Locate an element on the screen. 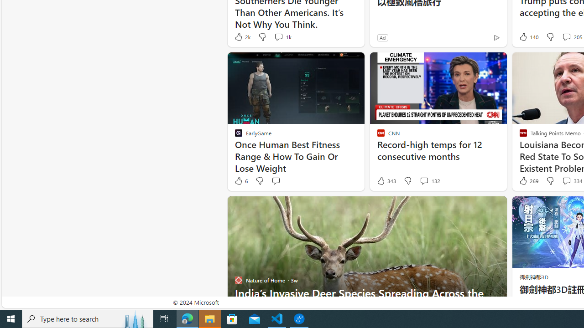 Image resolution: width=584 pixels, height=328 pixels. 'View comments 132 Comment' is located at coordinates (429, 181).